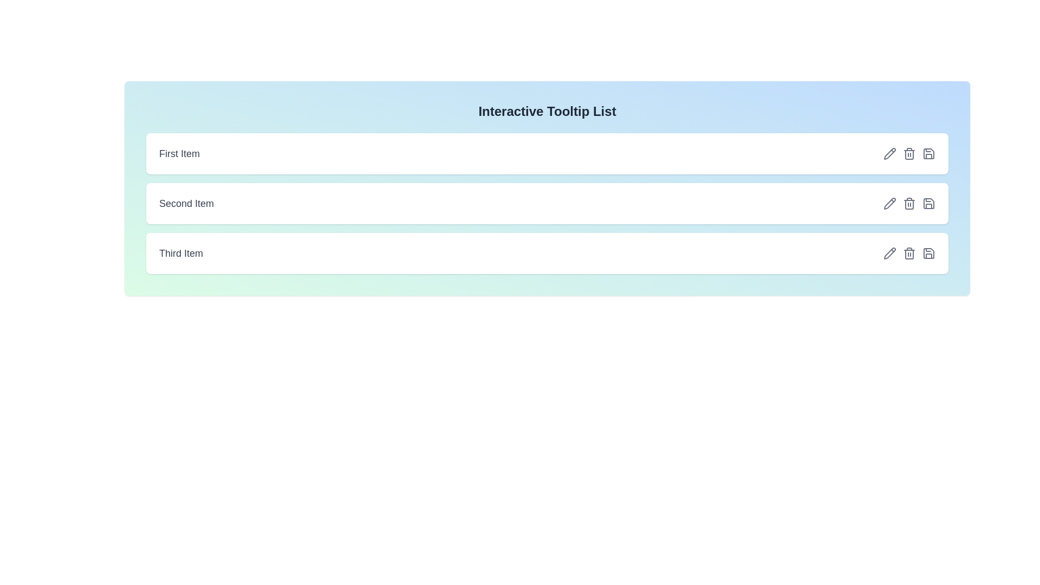 The height and width of the screenshot is (585, 1040). Describe the element at coordinates (181, 253) in the screenshot. I see `the text element displaying 'Third Item' which is styled as a list item and is the third item in a vertical list` at that location.